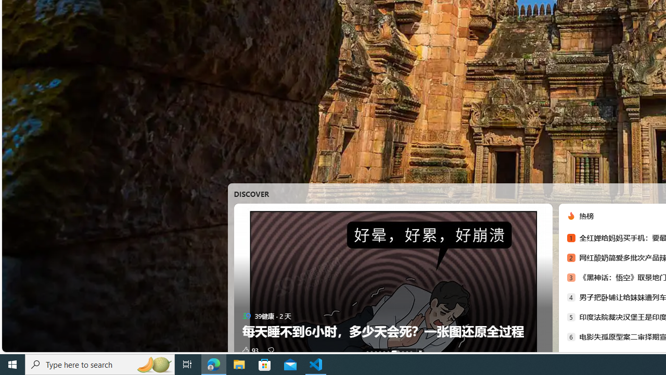  I want to click on 'AutomationID: tab-2', so click(375, 352).